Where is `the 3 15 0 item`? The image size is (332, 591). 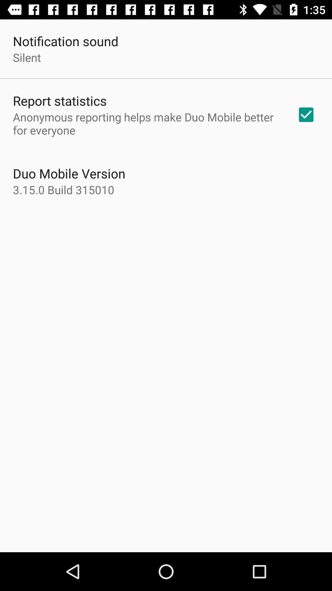
the 3 15 0 item is located at coordinates (64, 189).